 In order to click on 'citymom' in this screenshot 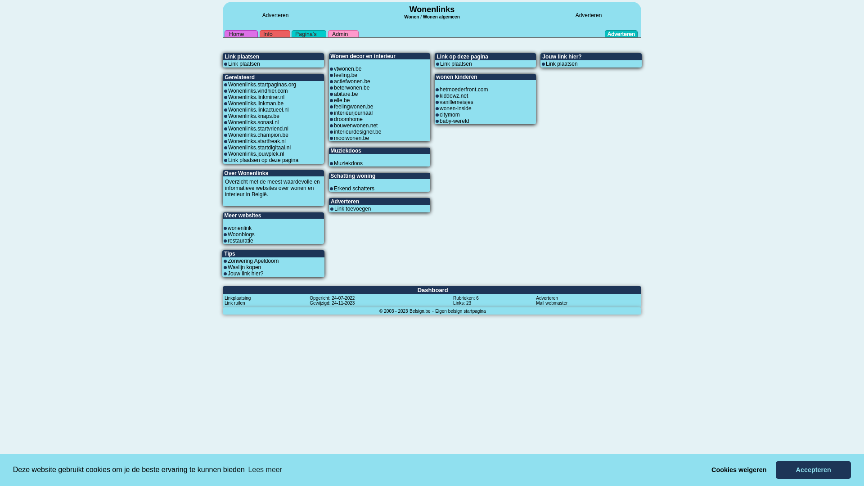, I will do `click(450, 114)`.